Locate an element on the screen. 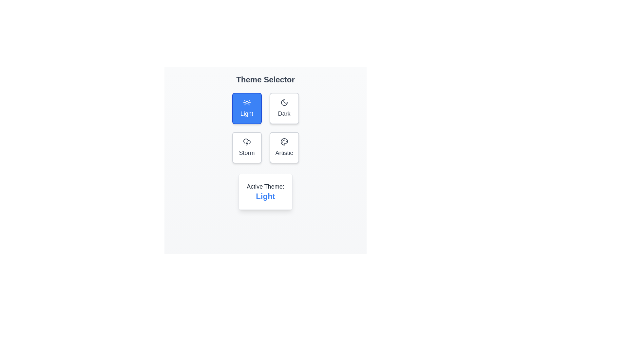 The image size is (629, 353). the button corresponding to the theme Artistic is located at coordinates (284, 147).